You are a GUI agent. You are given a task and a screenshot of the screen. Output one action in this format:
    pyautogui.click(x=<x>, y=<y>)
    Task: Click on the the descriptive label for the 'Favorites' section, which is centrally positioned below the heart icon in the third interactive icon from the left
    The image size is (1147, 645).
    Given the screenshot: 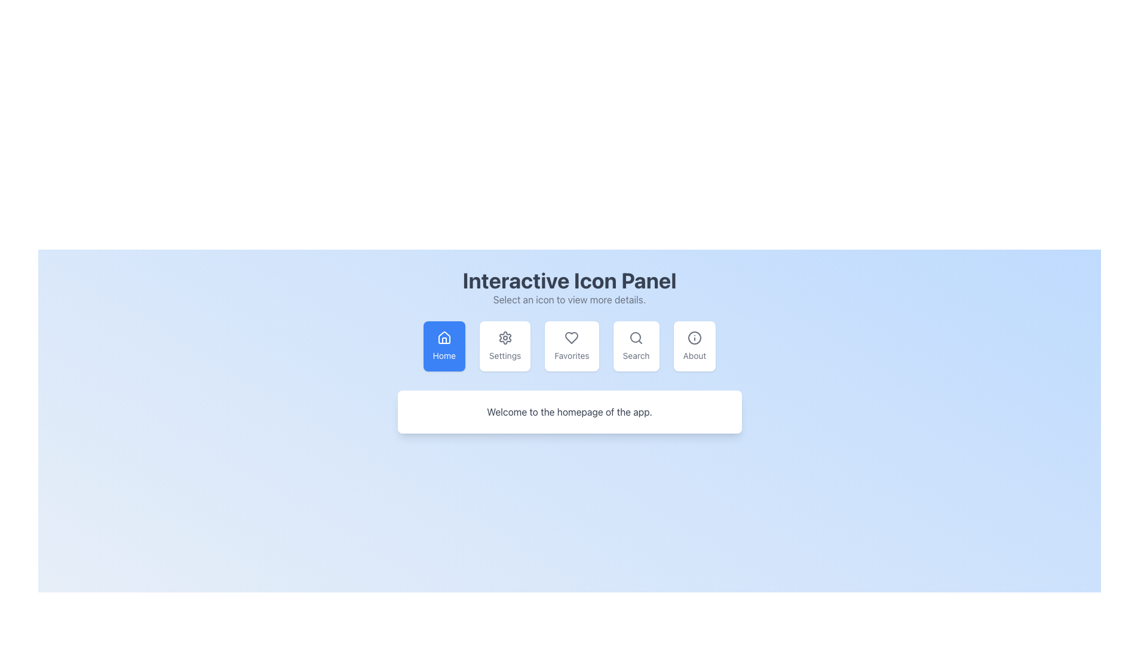 What is the action you would take?
    pyautogui.click(x=571, y=355)
    